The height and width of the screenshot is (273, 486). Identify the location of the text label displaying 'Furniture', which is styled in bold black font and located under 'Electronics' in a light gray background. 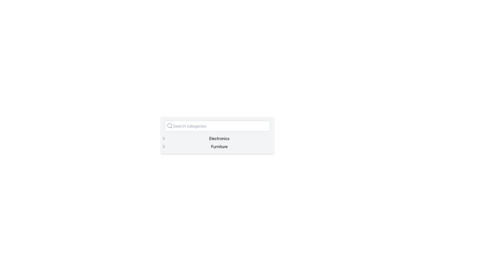
(219, 146).